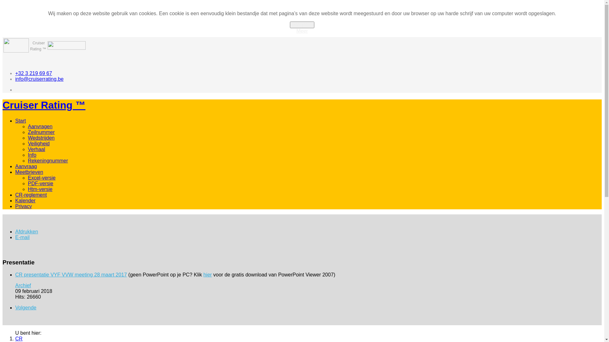 The height and width of the screenshot is (342, 609). Describe the element at coordinates (23, 206) in the screenshot. I see `'Privacy'` at that location.